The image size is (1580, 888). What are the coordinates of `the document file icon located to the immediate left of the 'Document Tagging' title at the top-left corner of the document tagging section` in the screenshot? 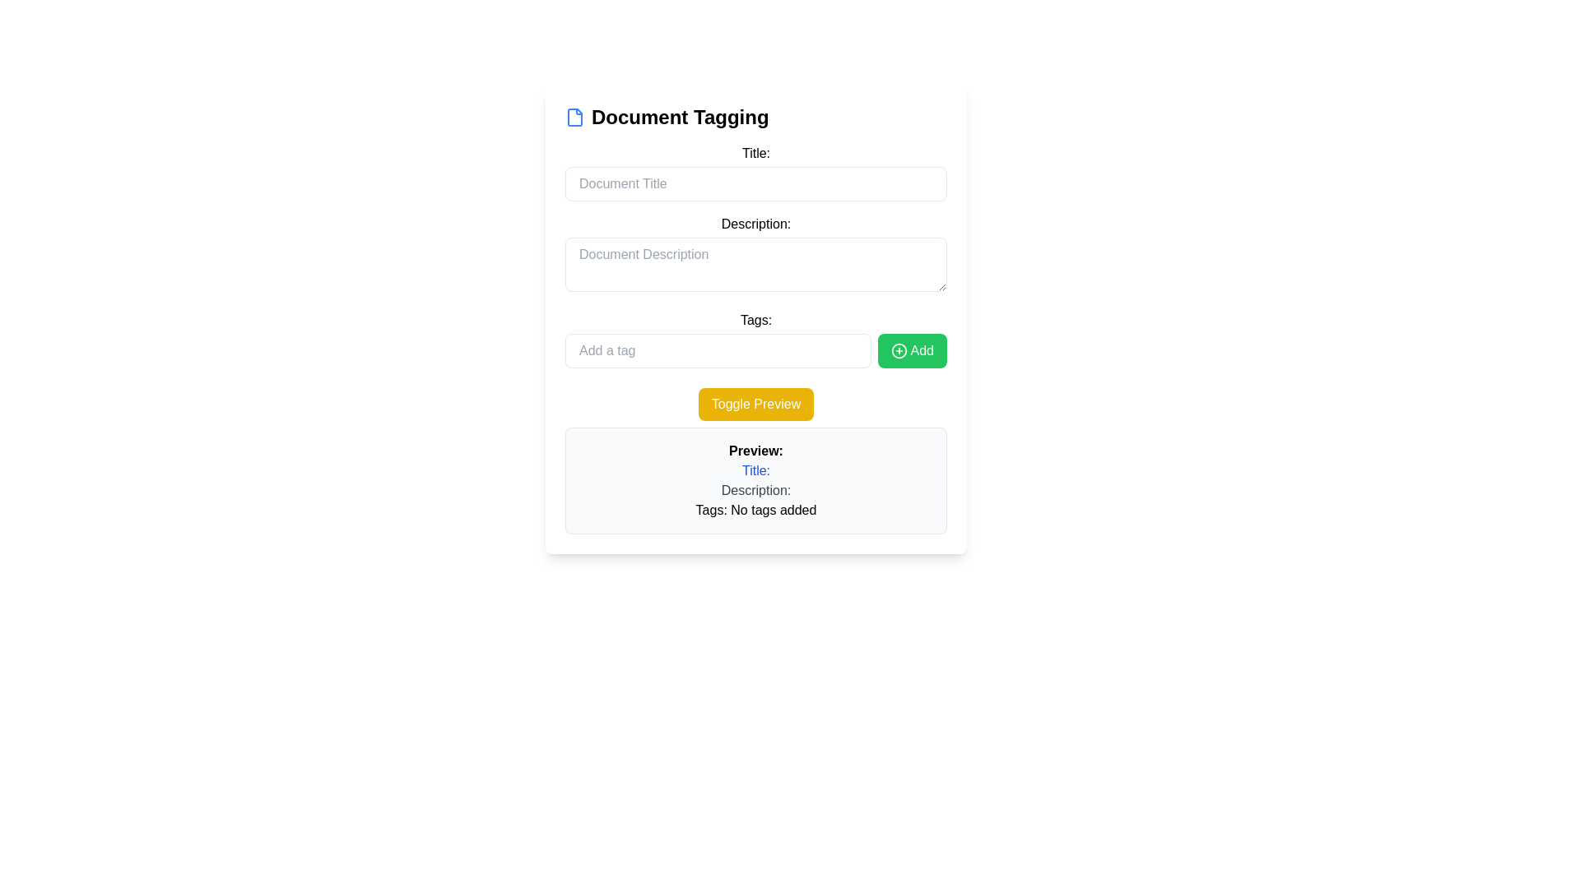 It's located at (575, 116).